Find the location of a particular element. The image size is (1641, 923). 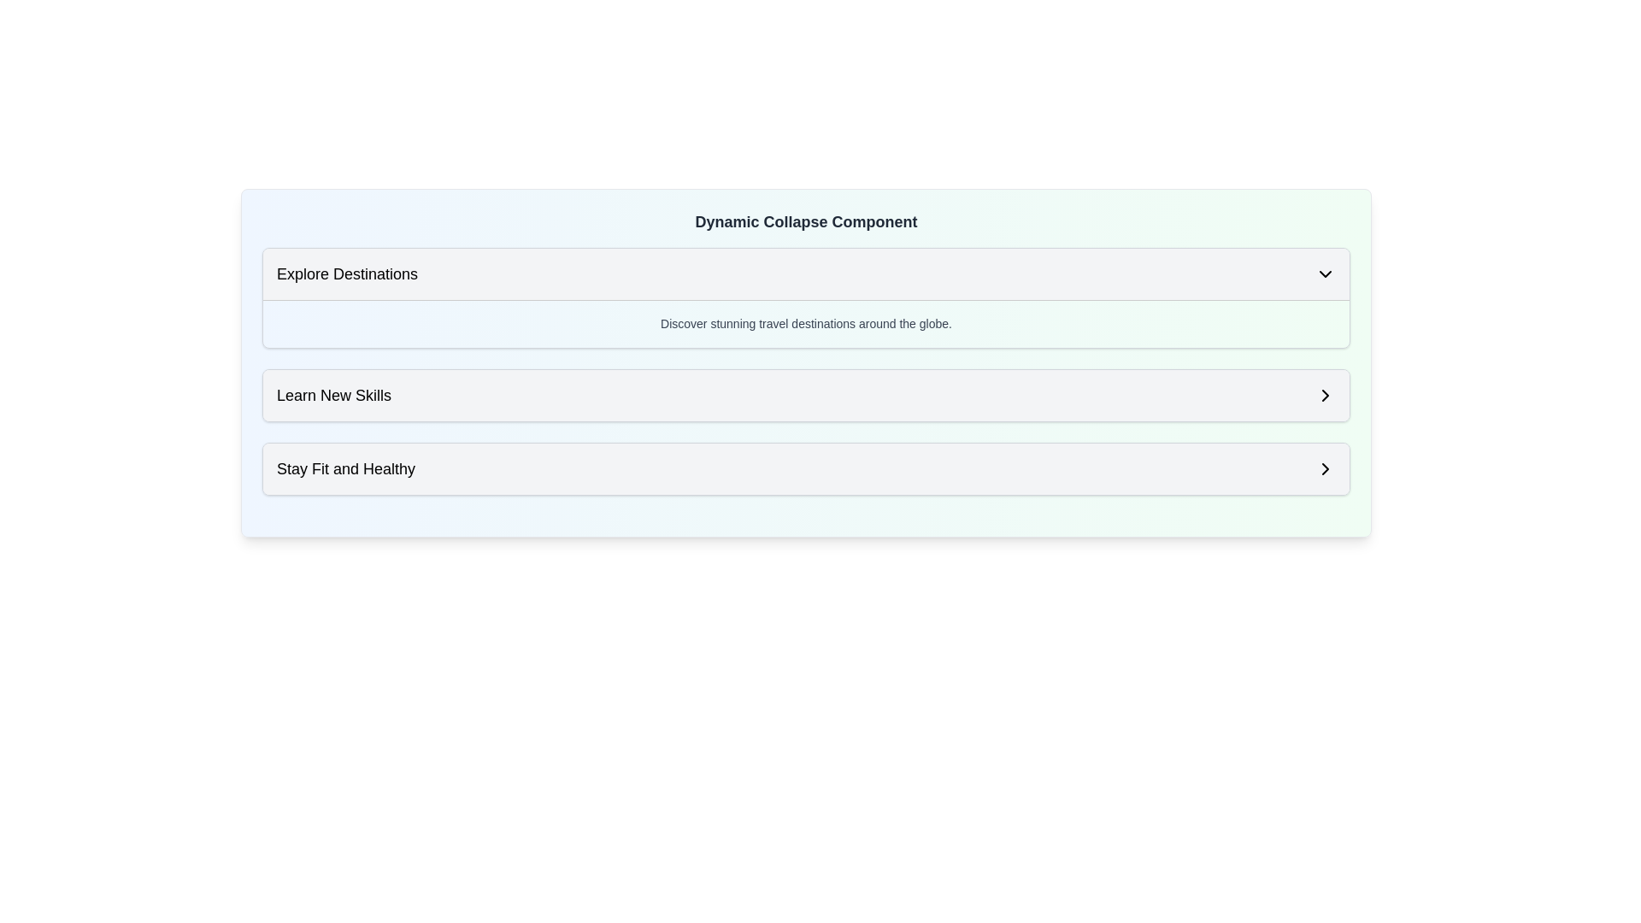

the interactive list item labeled 'Learn New Skills' is located at coordinates (805, 395).